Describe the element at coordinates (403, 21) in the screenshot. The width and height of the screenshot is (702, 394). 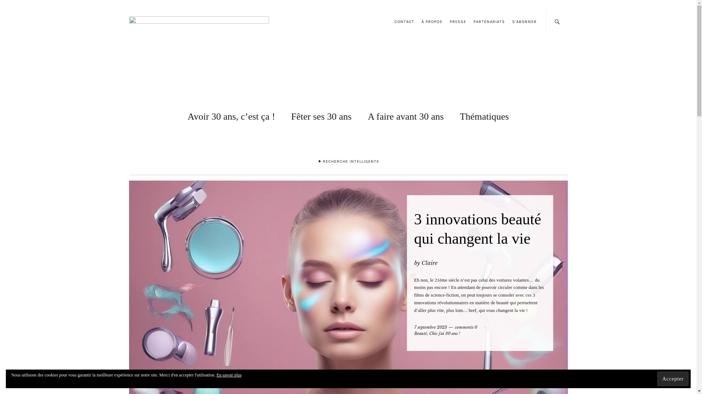
I see `'CONTACT'` at that location.